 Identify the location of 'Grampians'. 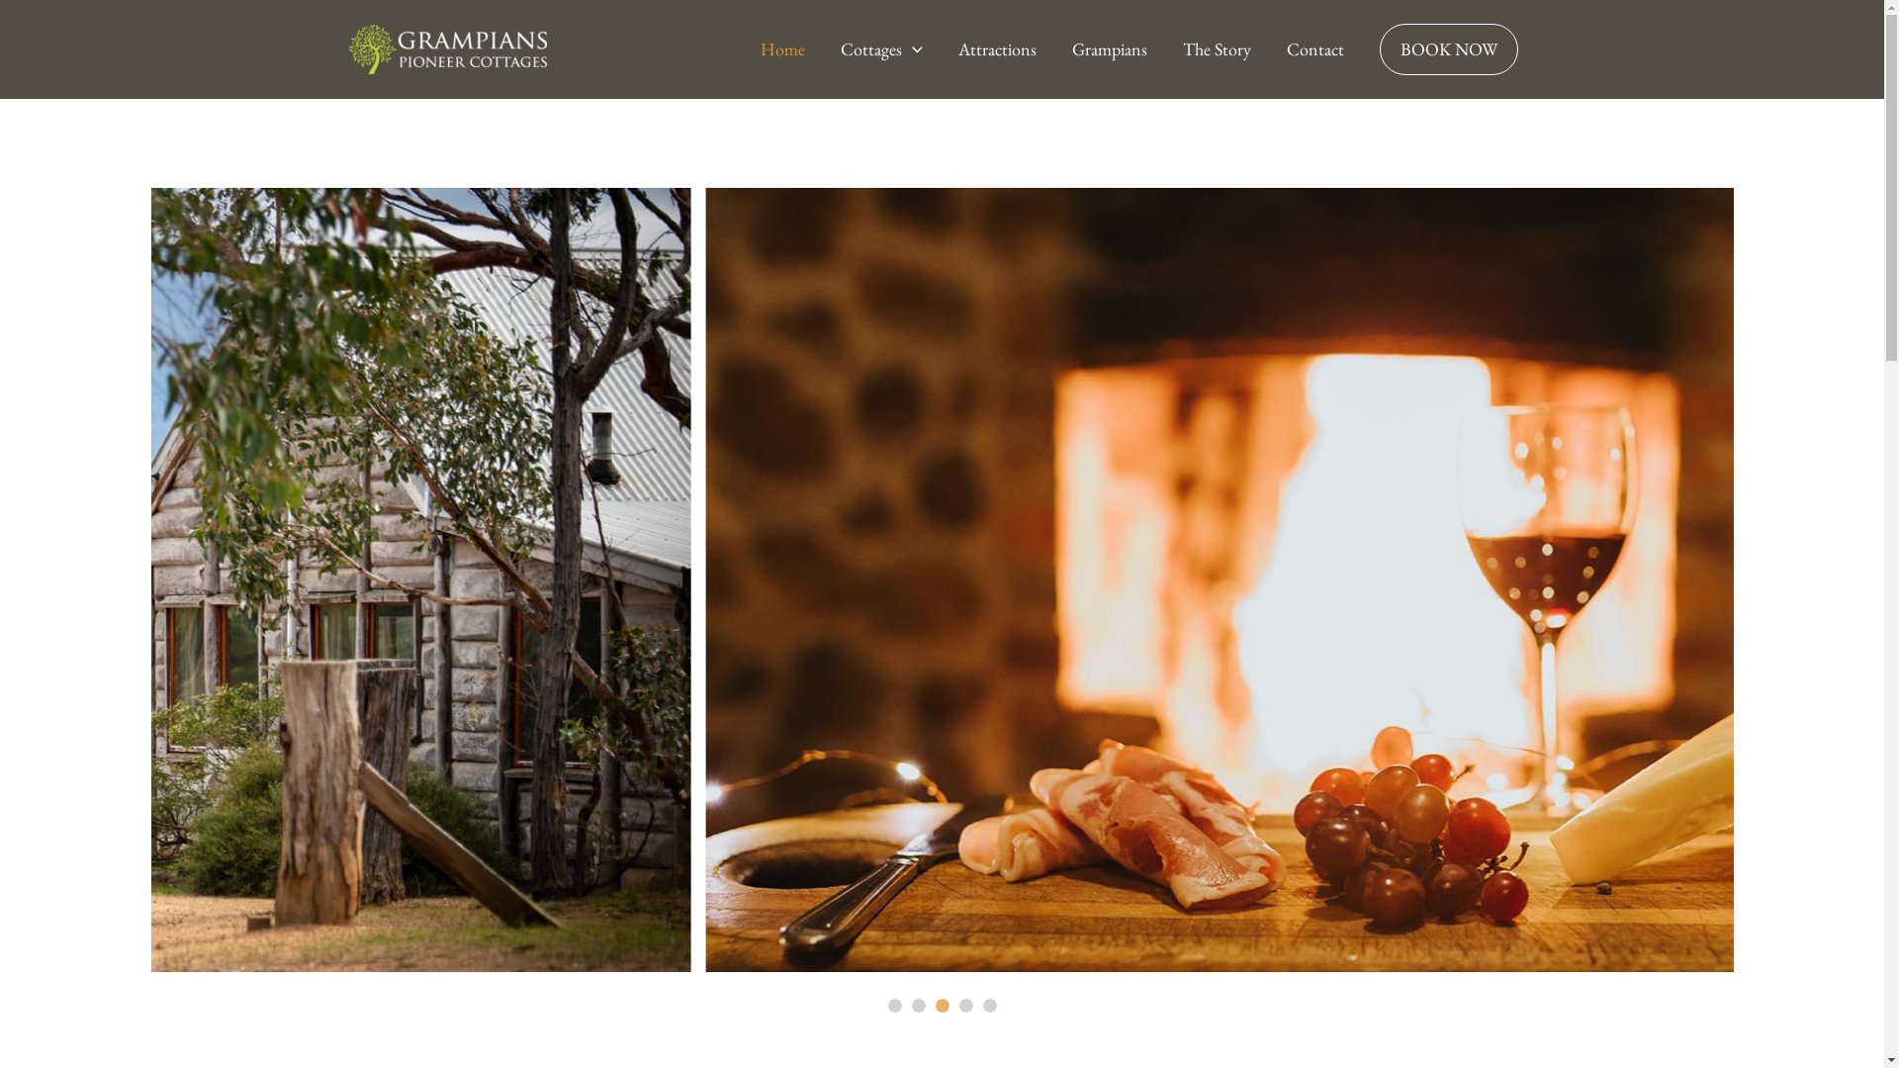
(1110, 48).